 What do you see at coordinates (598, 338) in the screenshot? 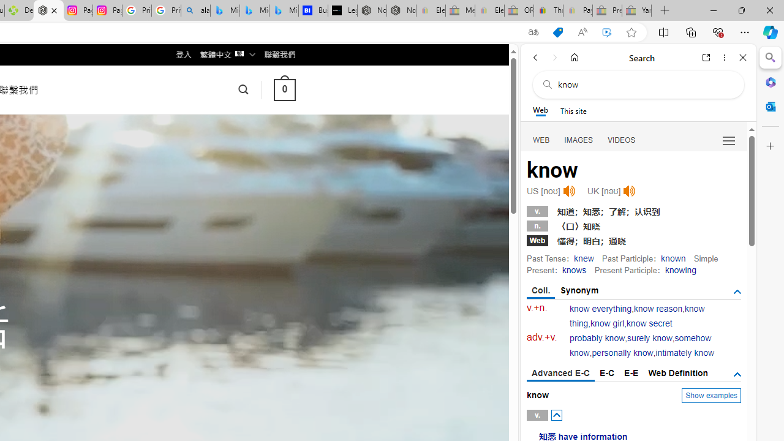
I see `'probably know'` at bounding box center [598, 338].